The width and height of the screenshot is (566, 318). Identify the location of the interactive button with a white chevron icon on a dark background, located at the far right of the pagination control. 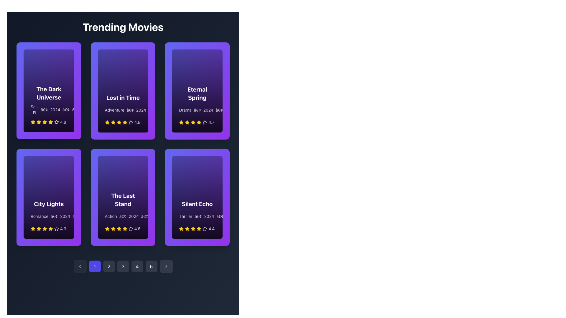
(166, 266).